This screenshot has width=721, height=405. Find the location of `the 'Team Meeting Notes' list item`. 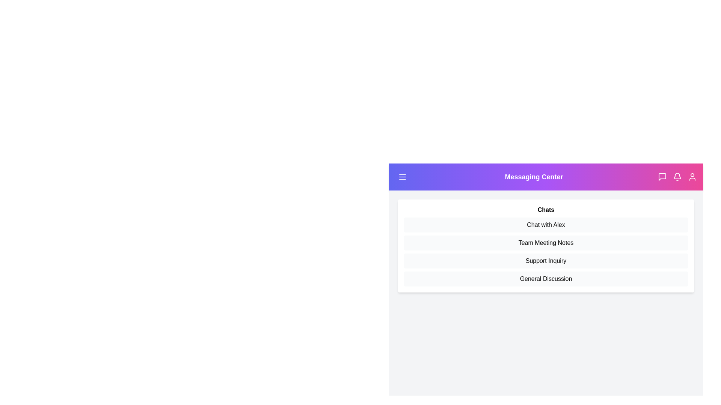

the 'Team Meeting Notes' list item is located at coordinates (546, 243).